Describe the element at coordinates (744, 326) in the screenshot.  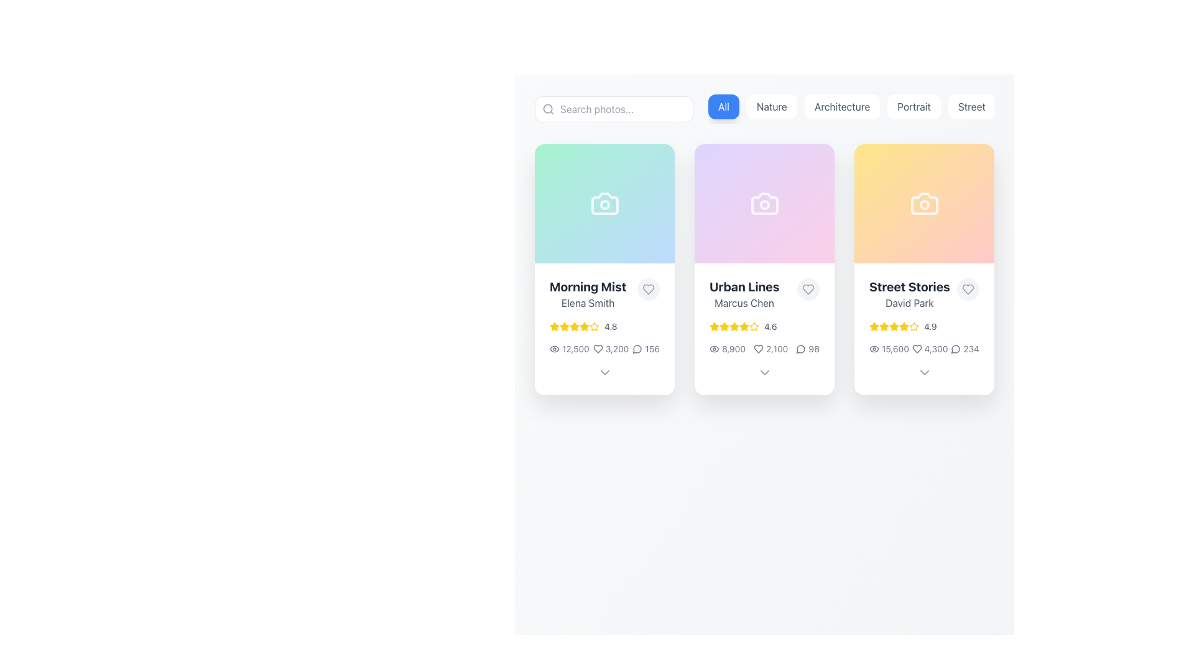
I see `the fourth star icon in the 'Urban Lines' card to interact with the rating` at that location.